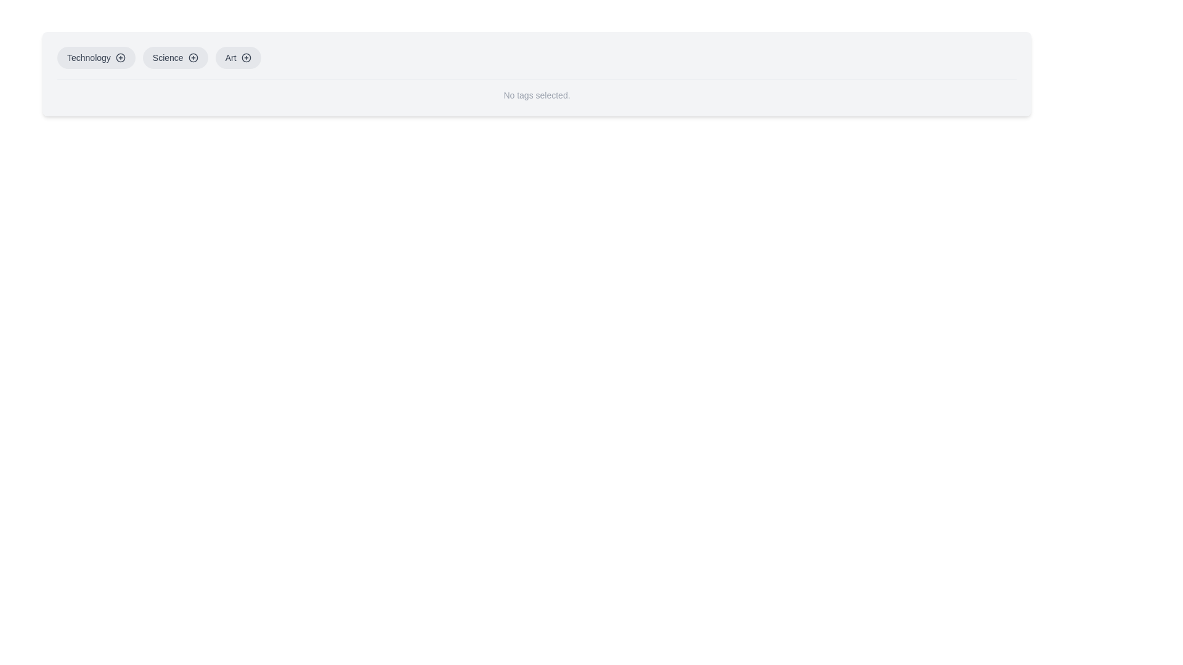 The height and width of the screenshot is (665, 1183). What do you see at coordinates (167, 57) in the screenshot?
I see `the 'Science' text label within the category button` at bounding box center [167, 57].